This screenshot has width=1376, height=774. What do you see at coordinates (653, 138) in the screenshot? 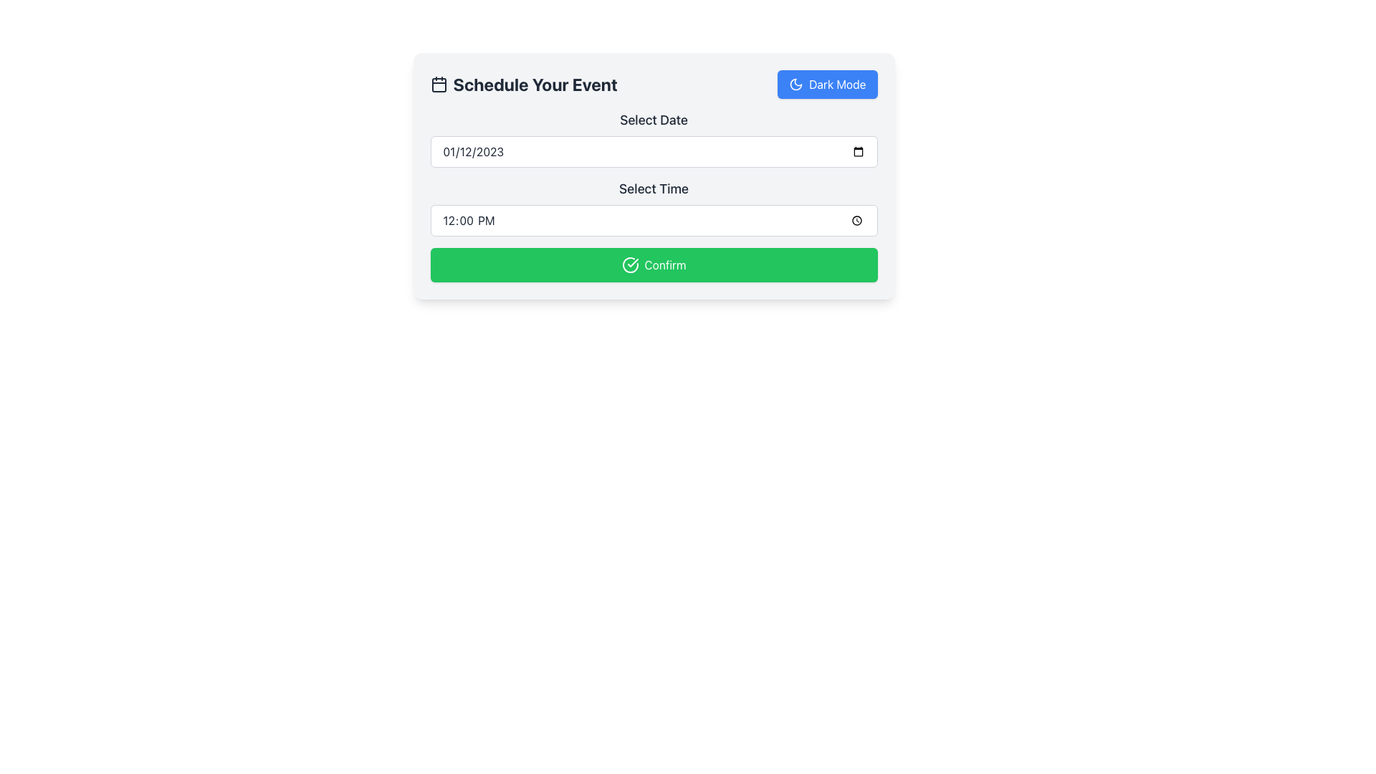
I see `the Date Selection Input Field labeled 'Select Date'` at bounding box center [653, 138].